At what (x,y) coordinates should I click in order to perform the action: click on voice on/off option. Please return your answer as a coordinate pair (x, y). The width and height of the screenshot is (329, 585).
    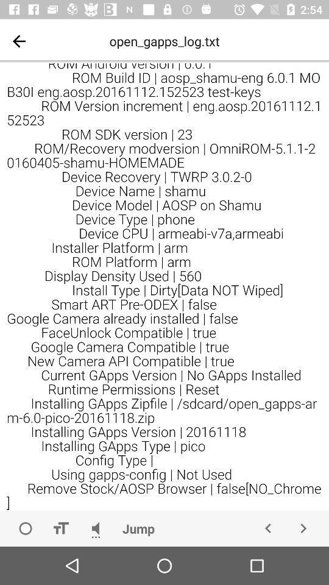
    Looking at the image, I should click on (95, 528).